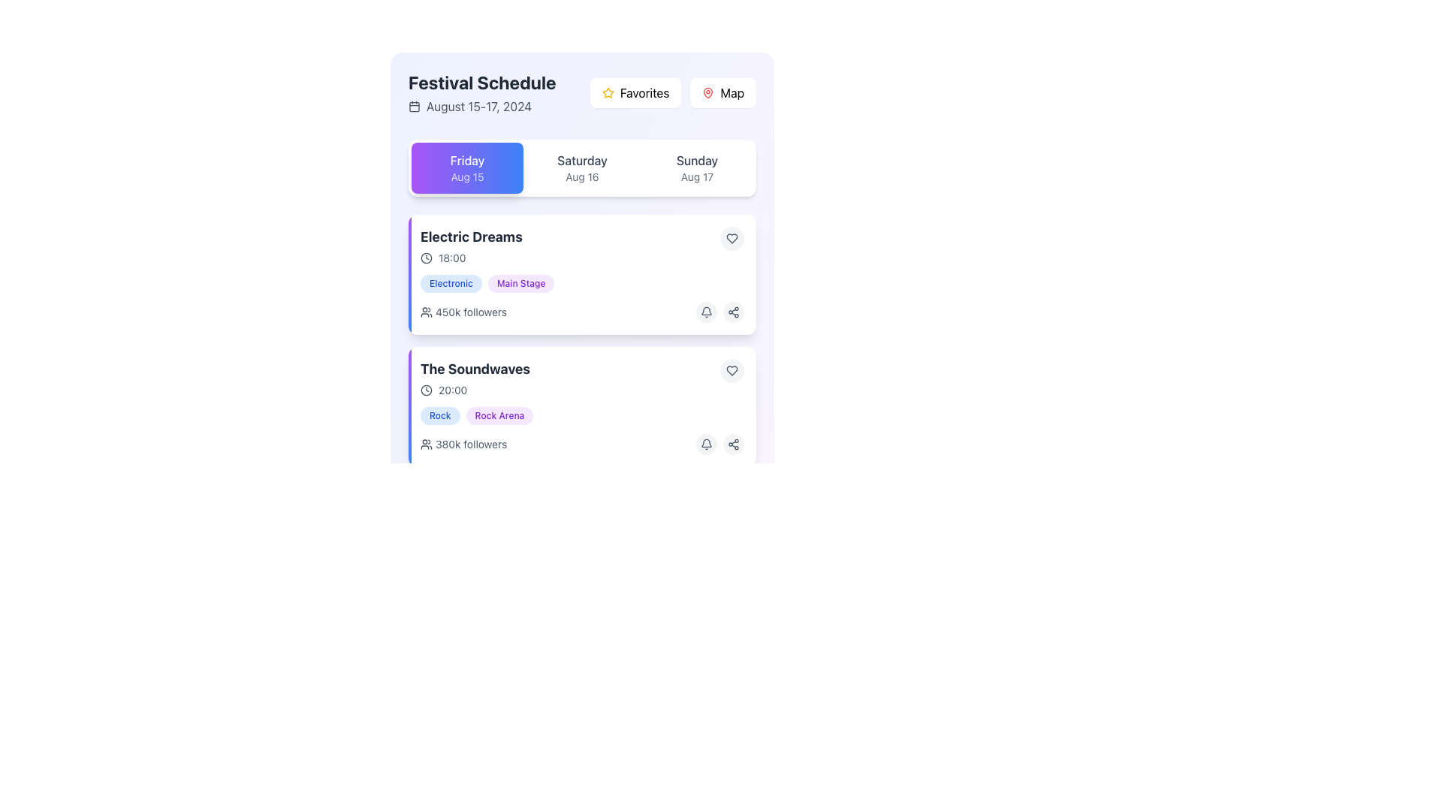  I want to click on the 'Favorites' button, which has a white background, rounded corners, a yellow star icon on the left, and the text 'Favorites' in black, to observe the visual feedback of shadow change, so click(635, 92).